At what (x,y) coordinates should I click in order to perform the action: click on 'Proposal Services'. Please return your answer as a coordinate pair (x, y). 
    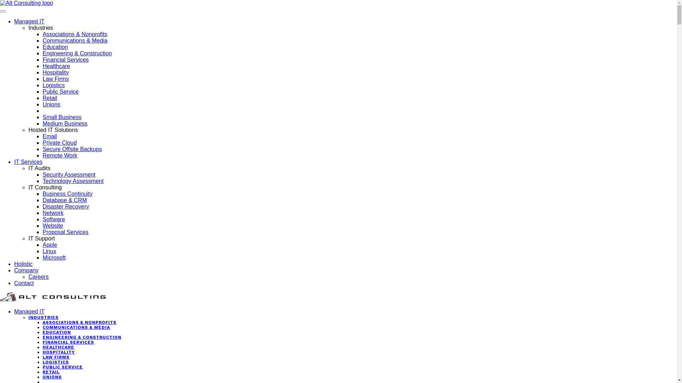
    Looking at the image, I should click on (65, 232).